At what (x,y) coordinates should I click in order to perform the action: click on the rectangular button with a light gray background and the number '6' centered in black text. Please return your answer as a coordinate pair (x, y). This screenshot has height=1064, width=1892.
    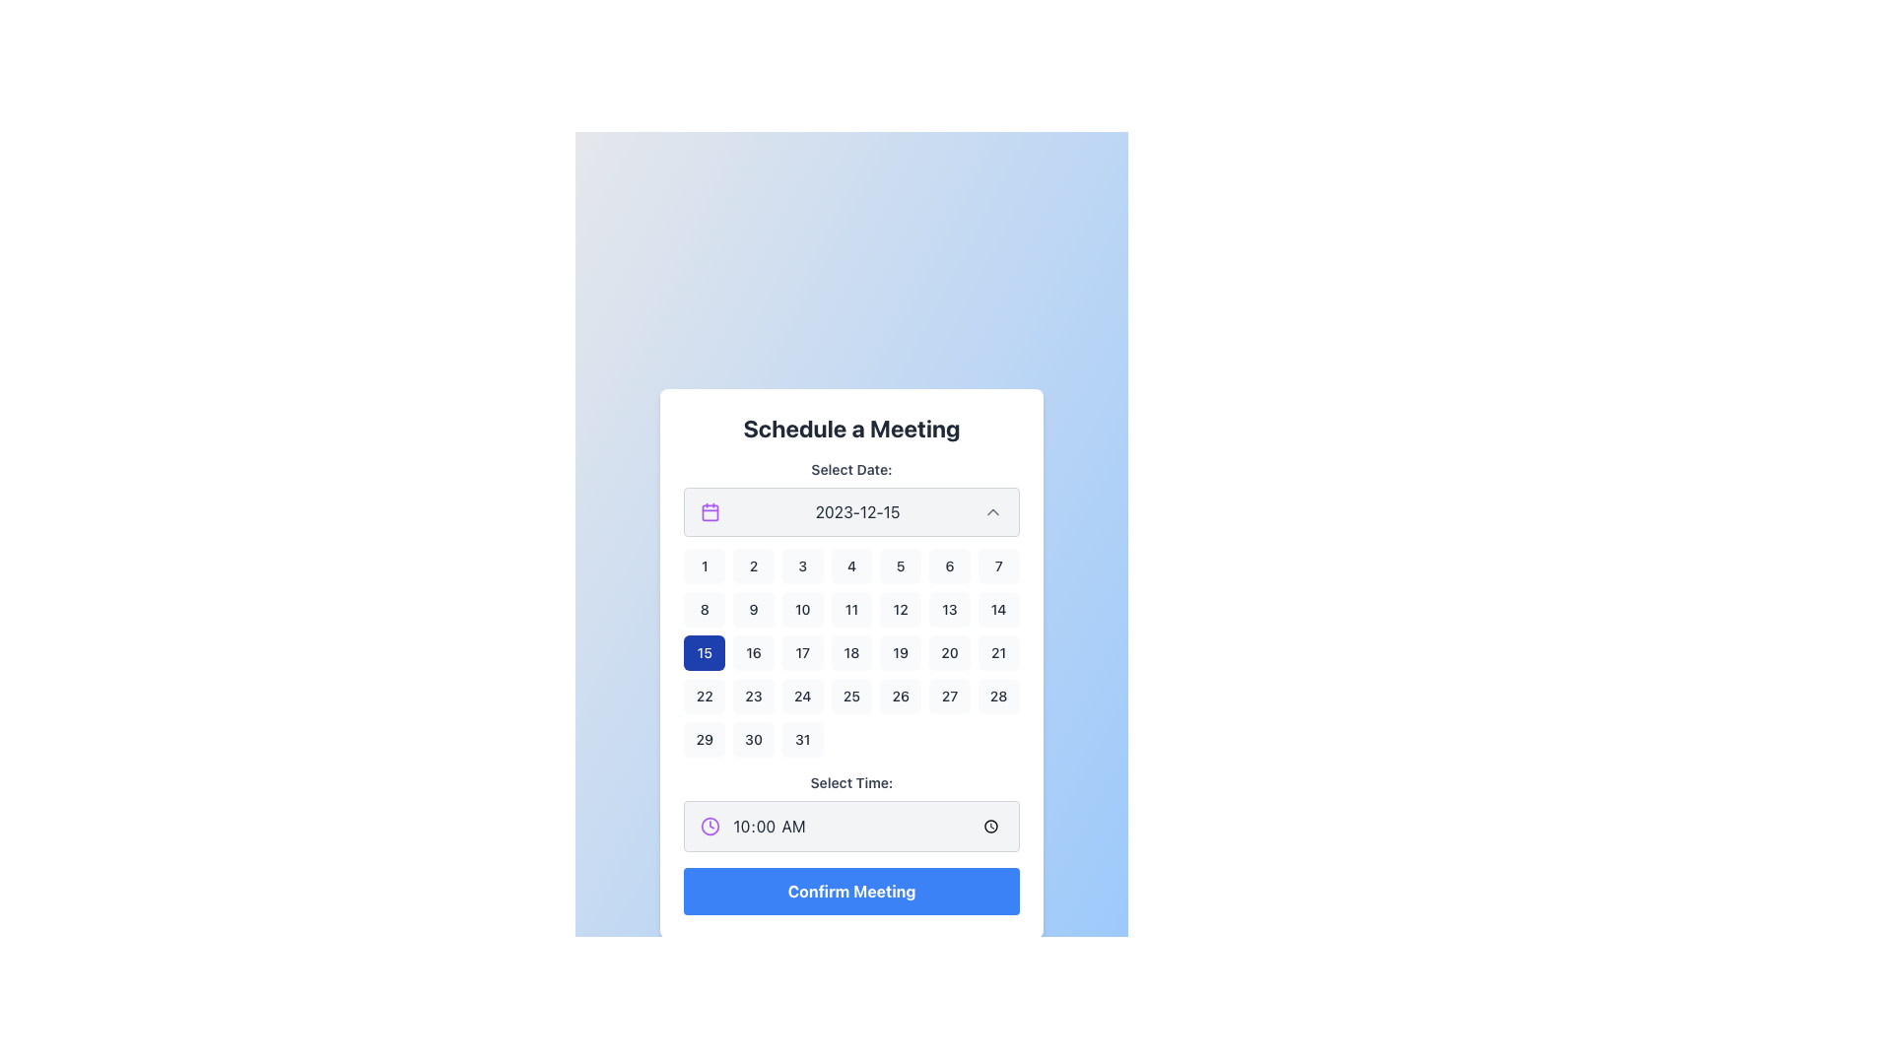
    Looking at the image, I should click on (950, 565).